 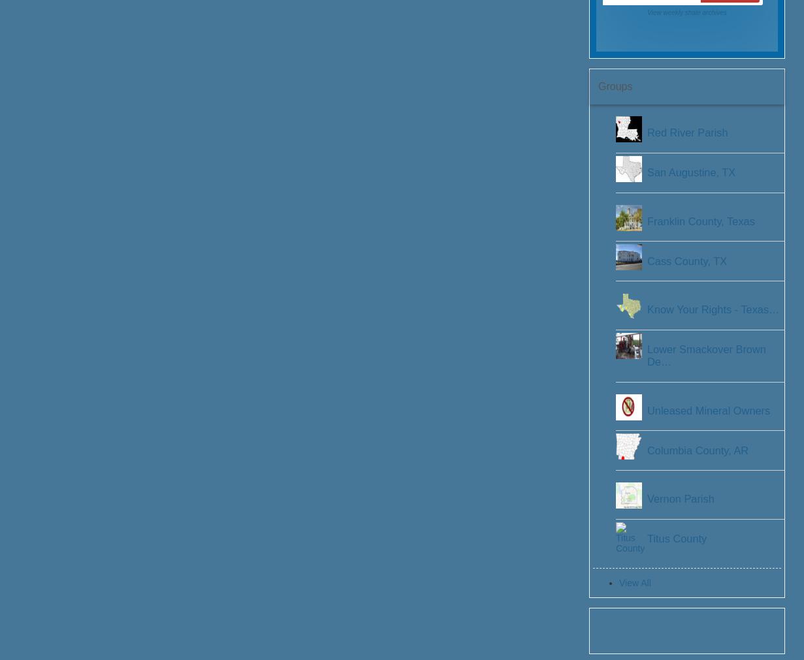 I want to click on 'Columbia County, AR', so click(x=697, y=448).